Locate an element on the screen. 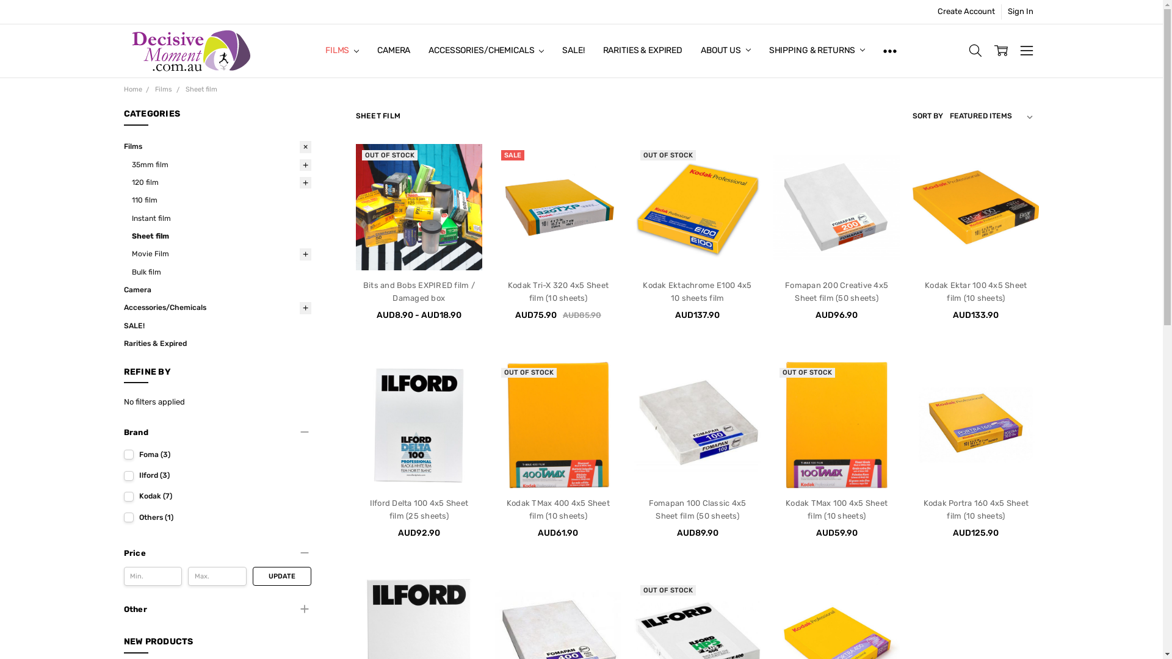  'Movie Film' is located at coordinates (222, 253).